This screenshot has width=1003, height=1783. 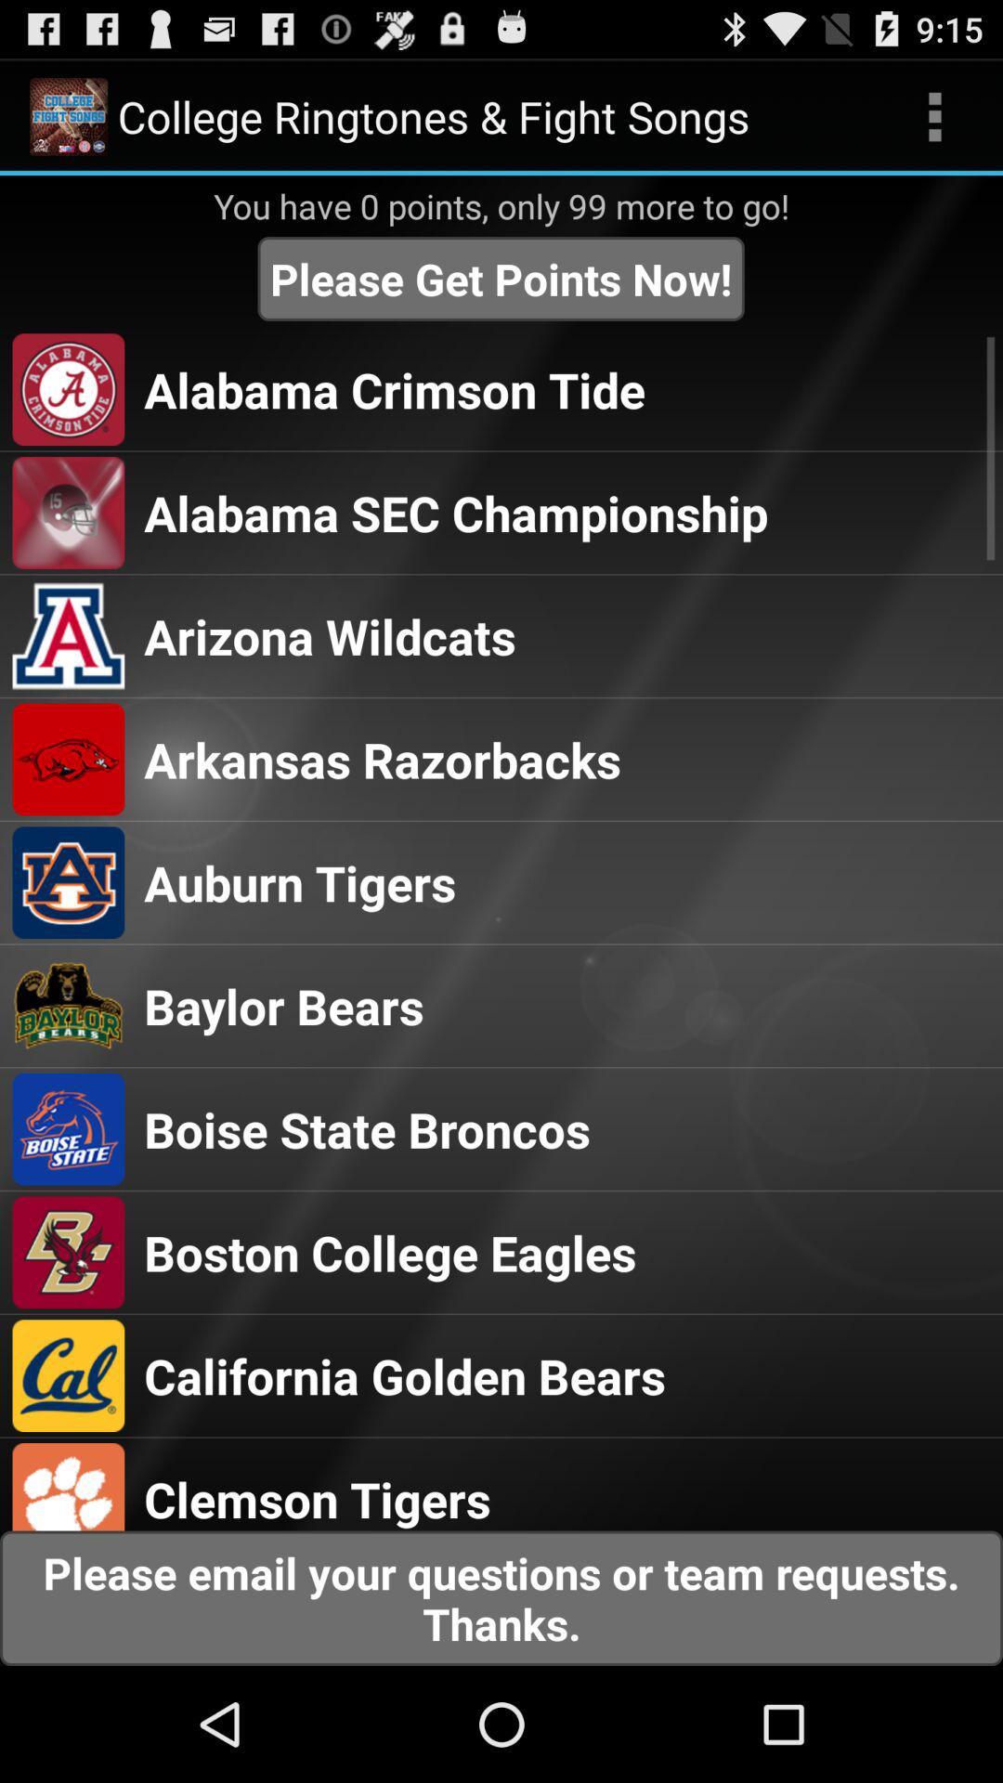 What do you see at coordinates (299, 881) in the screenshot?
I see `icon above baylor bears` at bounding box center [299, 881].